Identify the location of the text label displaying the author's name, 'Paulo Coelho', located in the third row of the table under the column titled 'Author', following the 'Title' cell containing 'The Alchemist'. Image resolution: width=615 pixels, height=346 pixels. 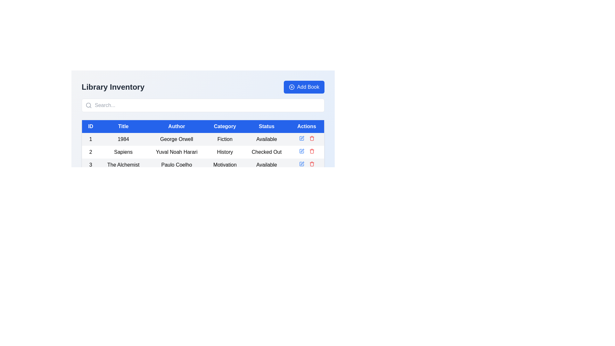
(176, 165).